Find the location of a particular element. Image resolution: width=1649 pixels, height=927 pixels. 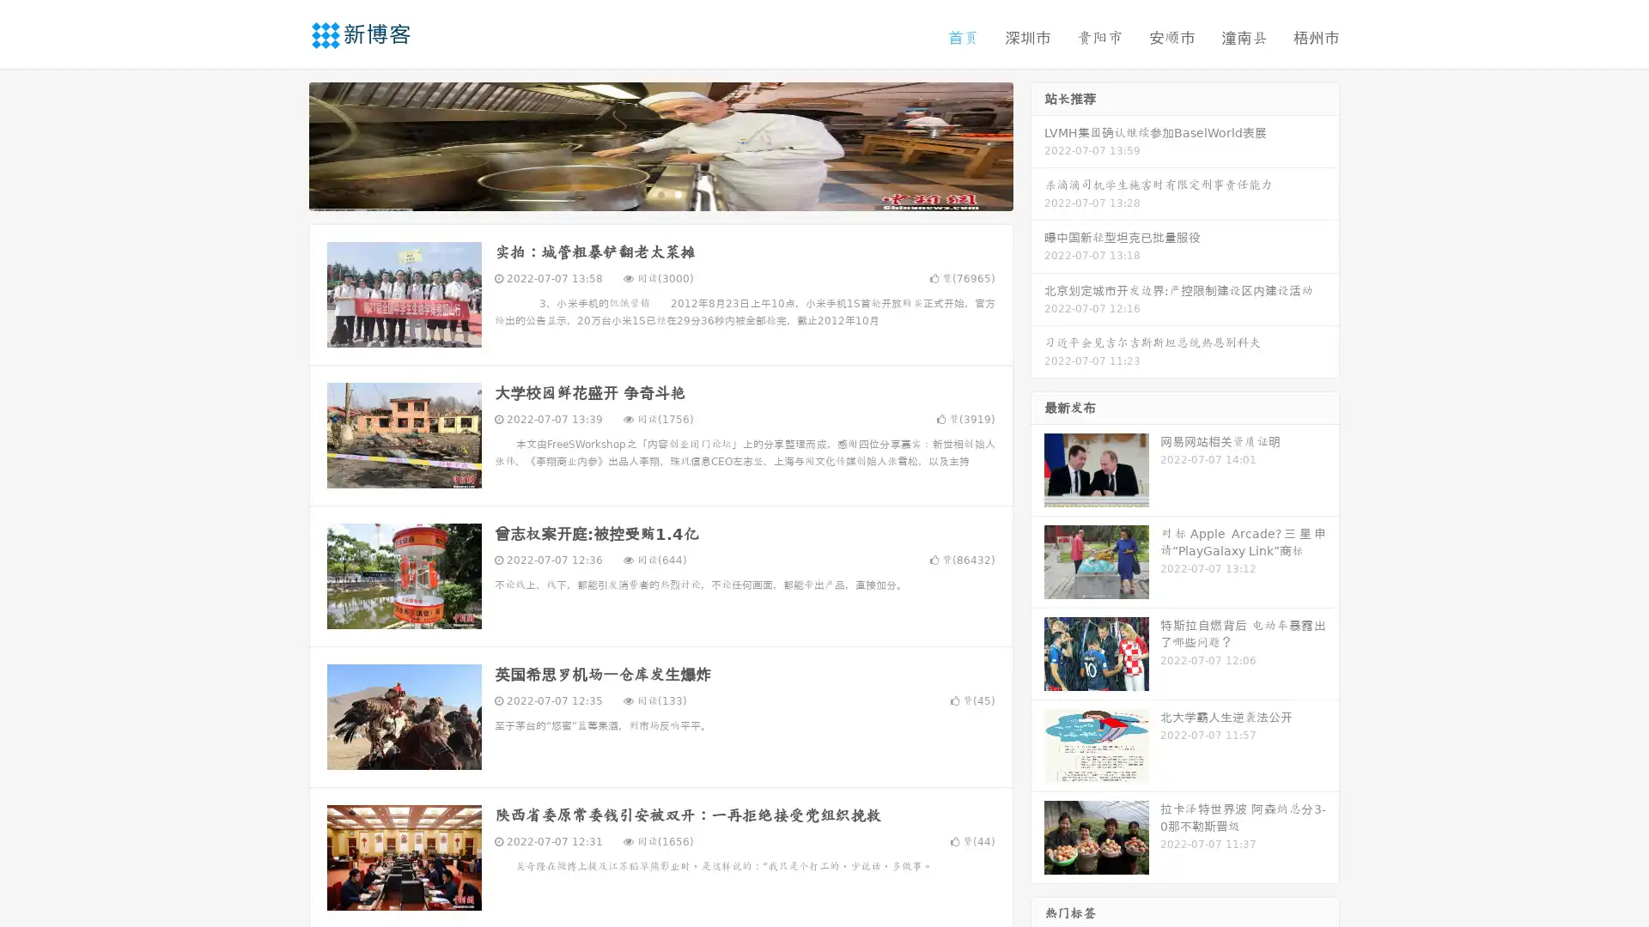

Next slide is located at coordinates (1037, 144).